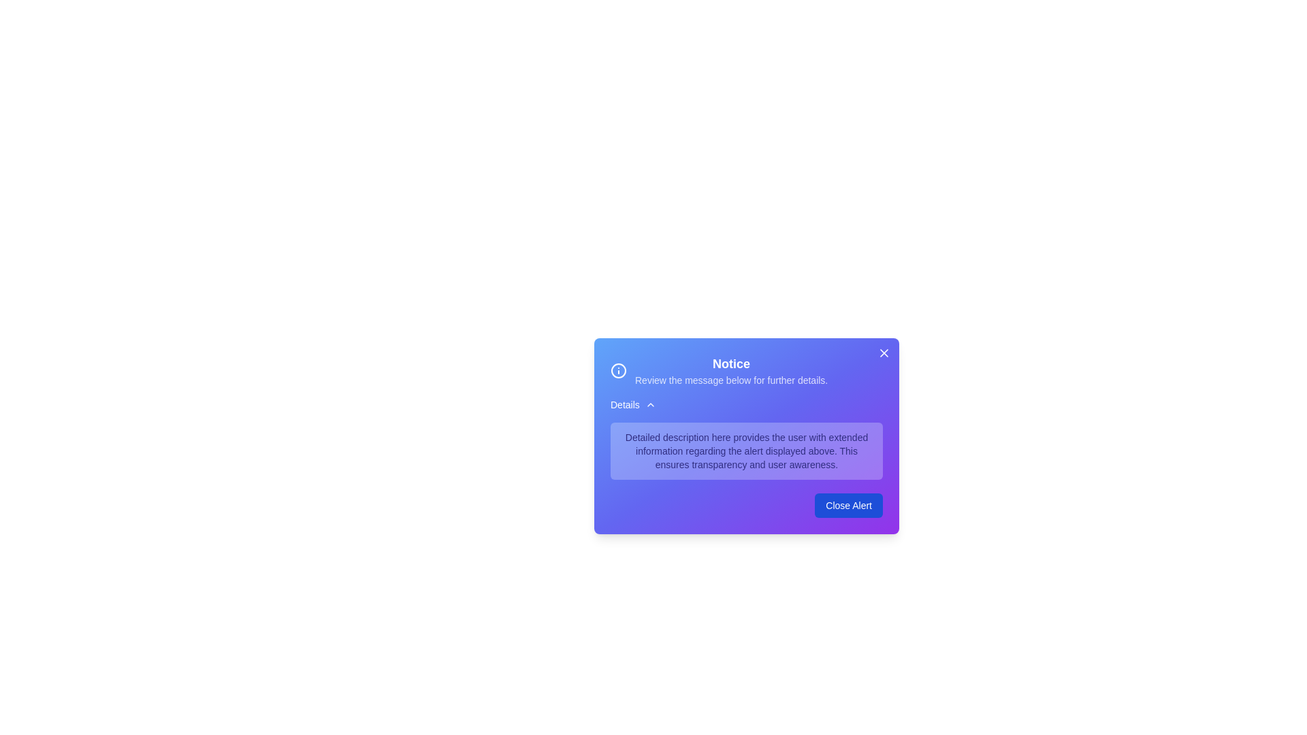 The width and height of the screenshot is (1307, 735). Describe the element at coordinates (632, 404) in the screenshot. I see `the 'Details' button to toggle the visibility of detailed information` at that location.